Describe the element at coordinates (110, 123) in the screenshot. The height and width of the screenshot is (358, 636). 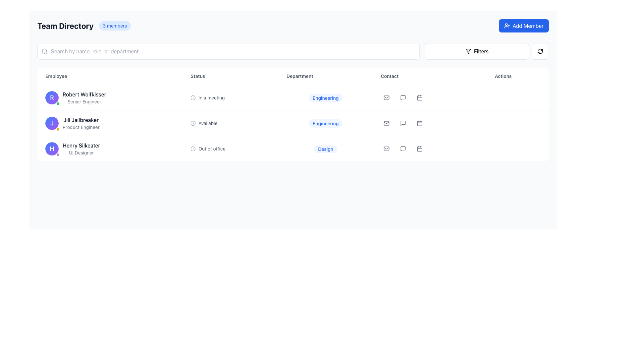
I see `avatar of the employee information display card located in the second row of the 'Employee' column in the 'Team Directory' table, positioned below 'Robert Wolfkisser' and above 'Henry Silkeater'` at that location.